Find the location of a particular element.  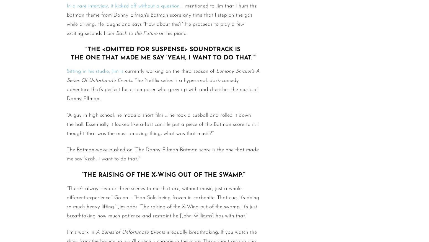

'“The raising of the X-Wing out of the swamp.”' is located at coordinates (163, 175).